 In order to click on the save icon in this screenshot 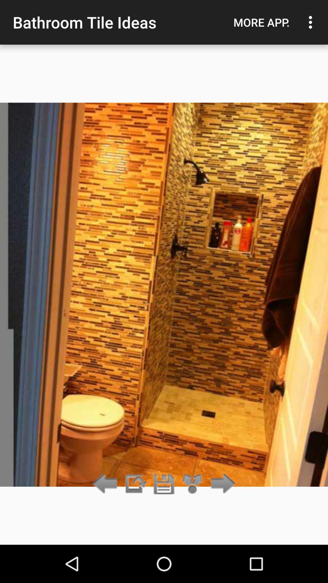, I will do `click(164, 484)`.